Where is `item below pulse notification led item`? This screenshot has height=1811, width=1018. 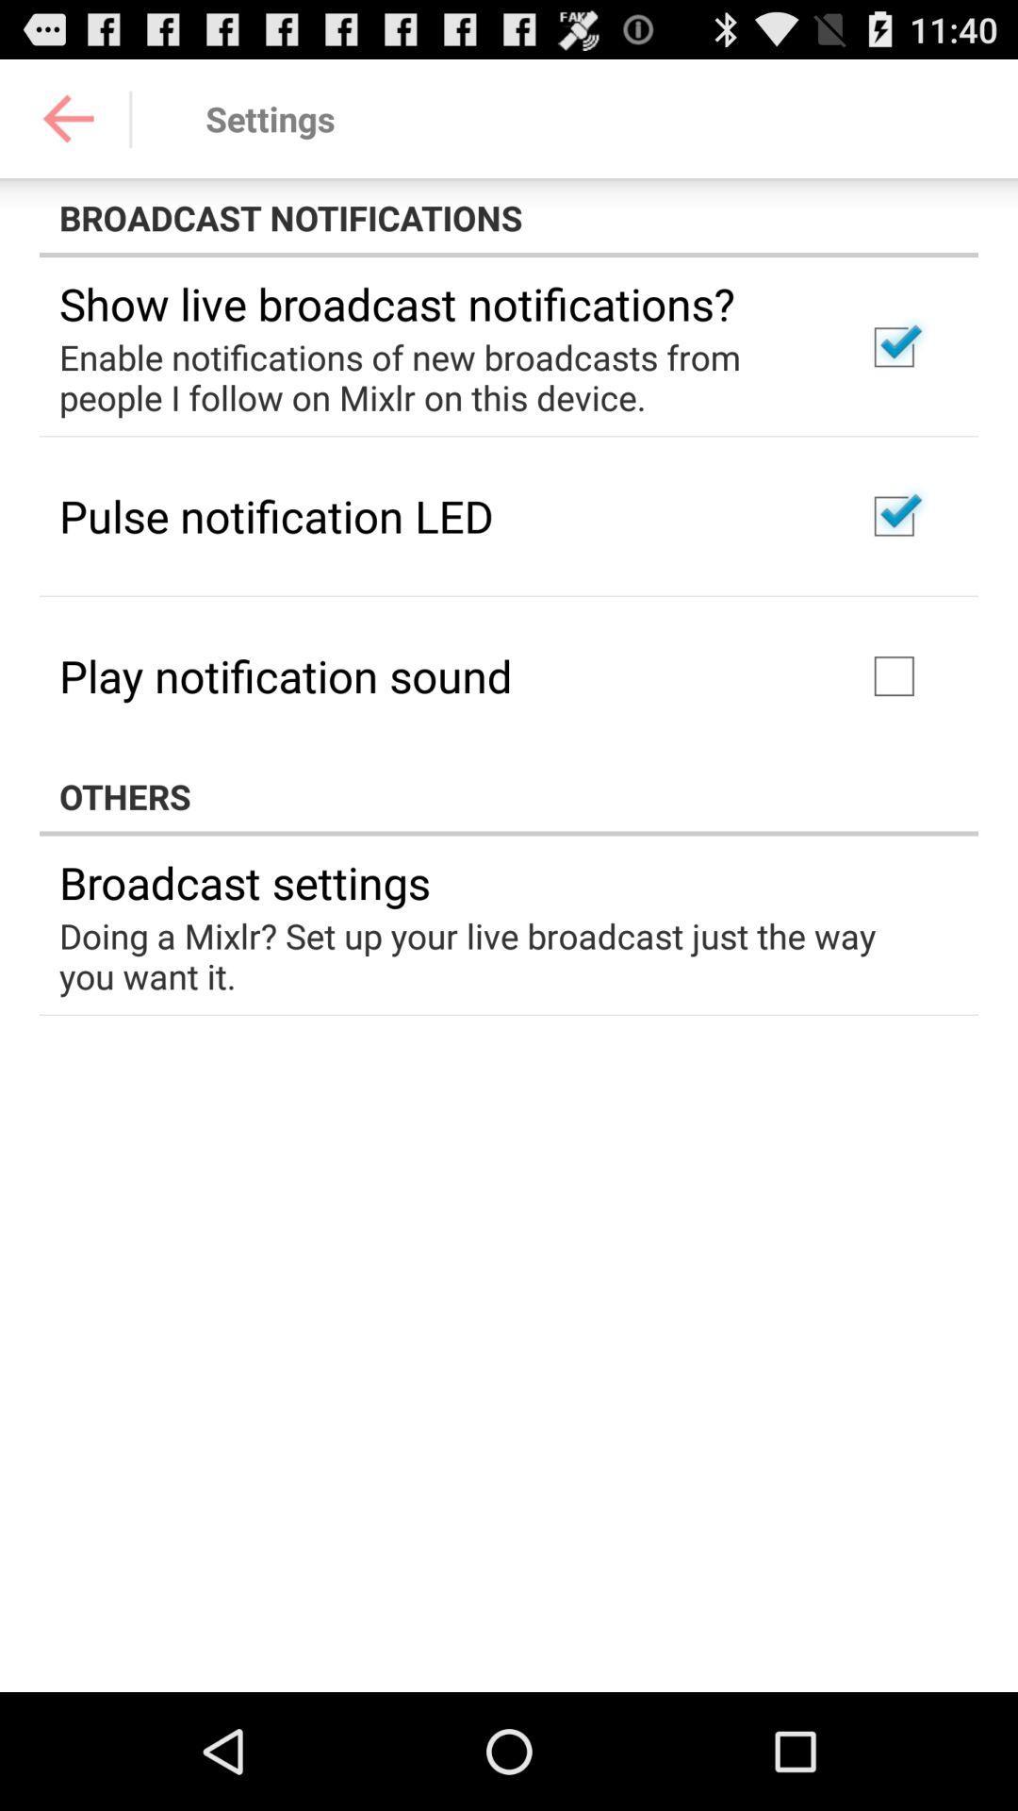
item below pulse notification led item is located at coordinates (286, 675).